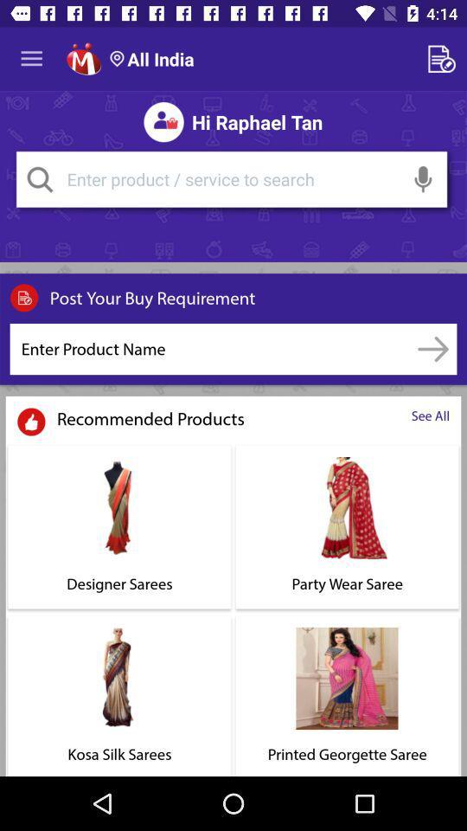  I want to click on open home page, so click(83, 59).